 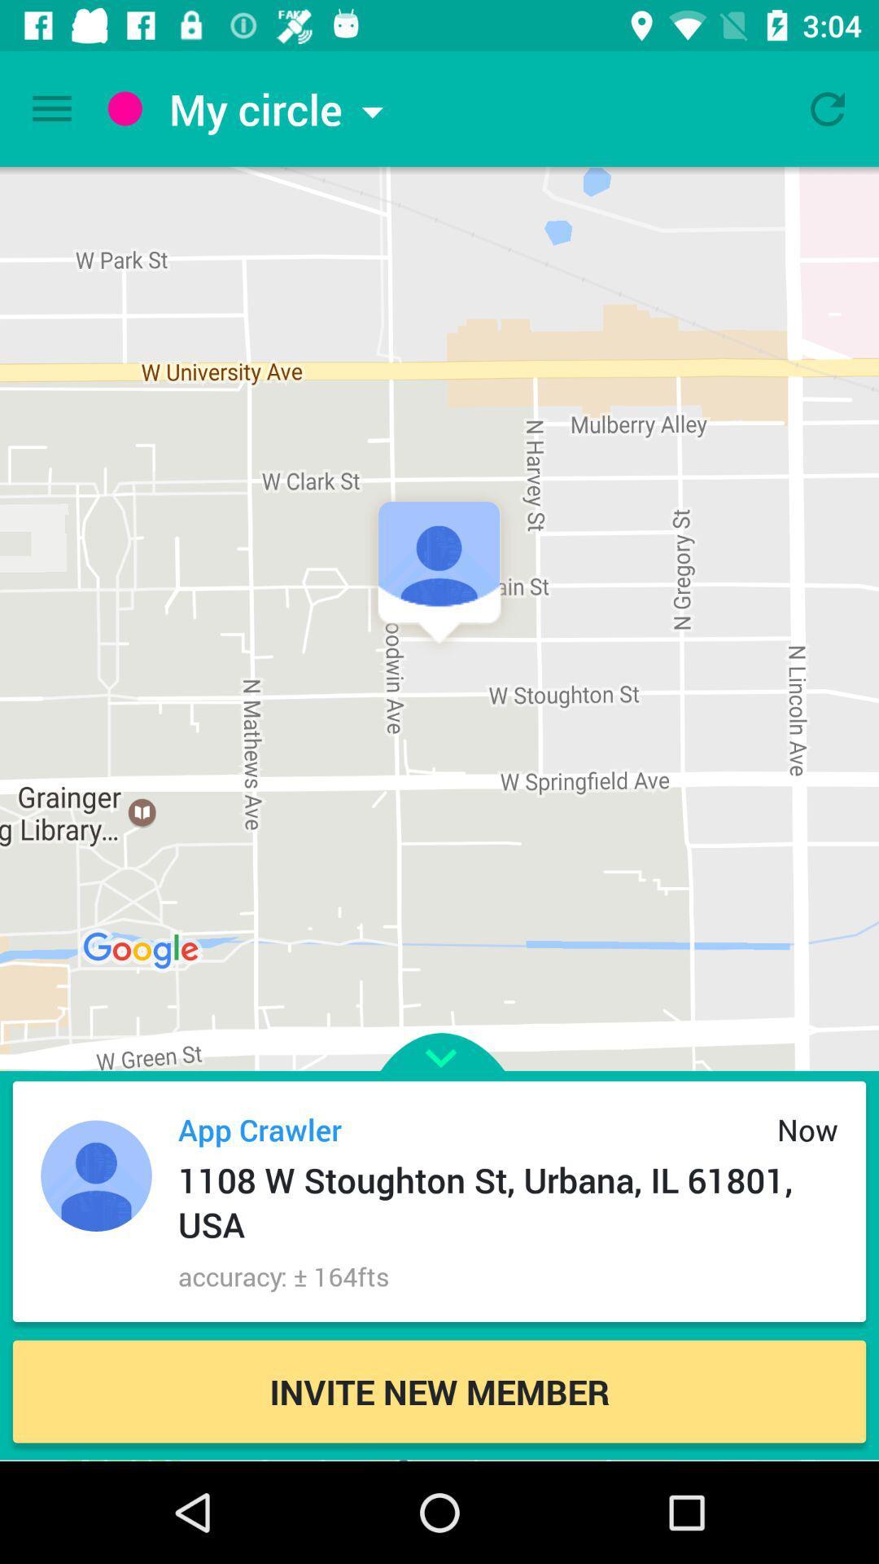 What do you see at coordinates (828, 108) in the screenshot?
I see `refresh page` at bounding box center [828, 108].